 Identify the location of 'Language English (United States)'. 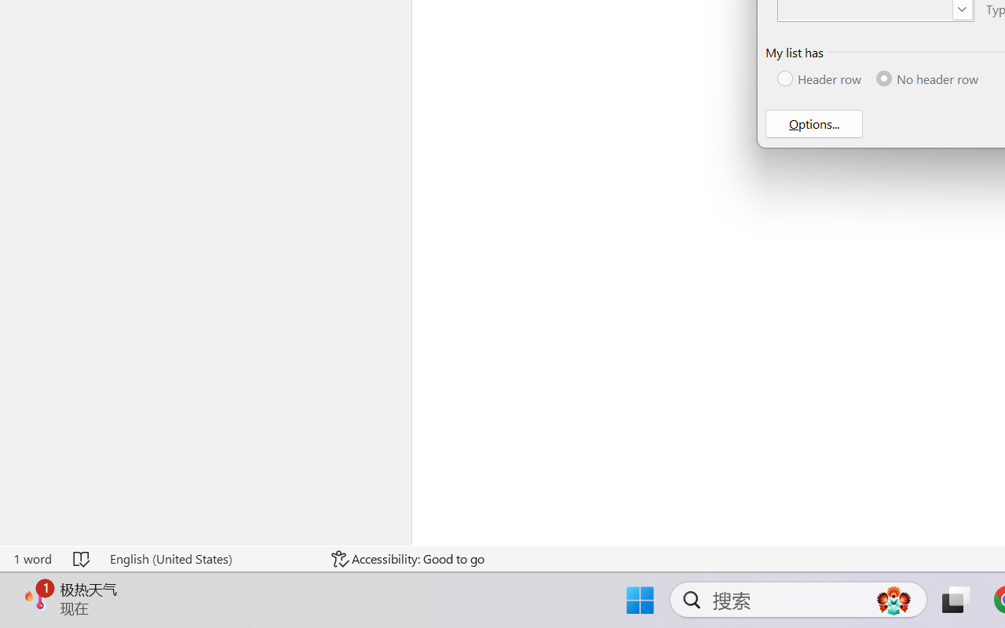
(209, 558).